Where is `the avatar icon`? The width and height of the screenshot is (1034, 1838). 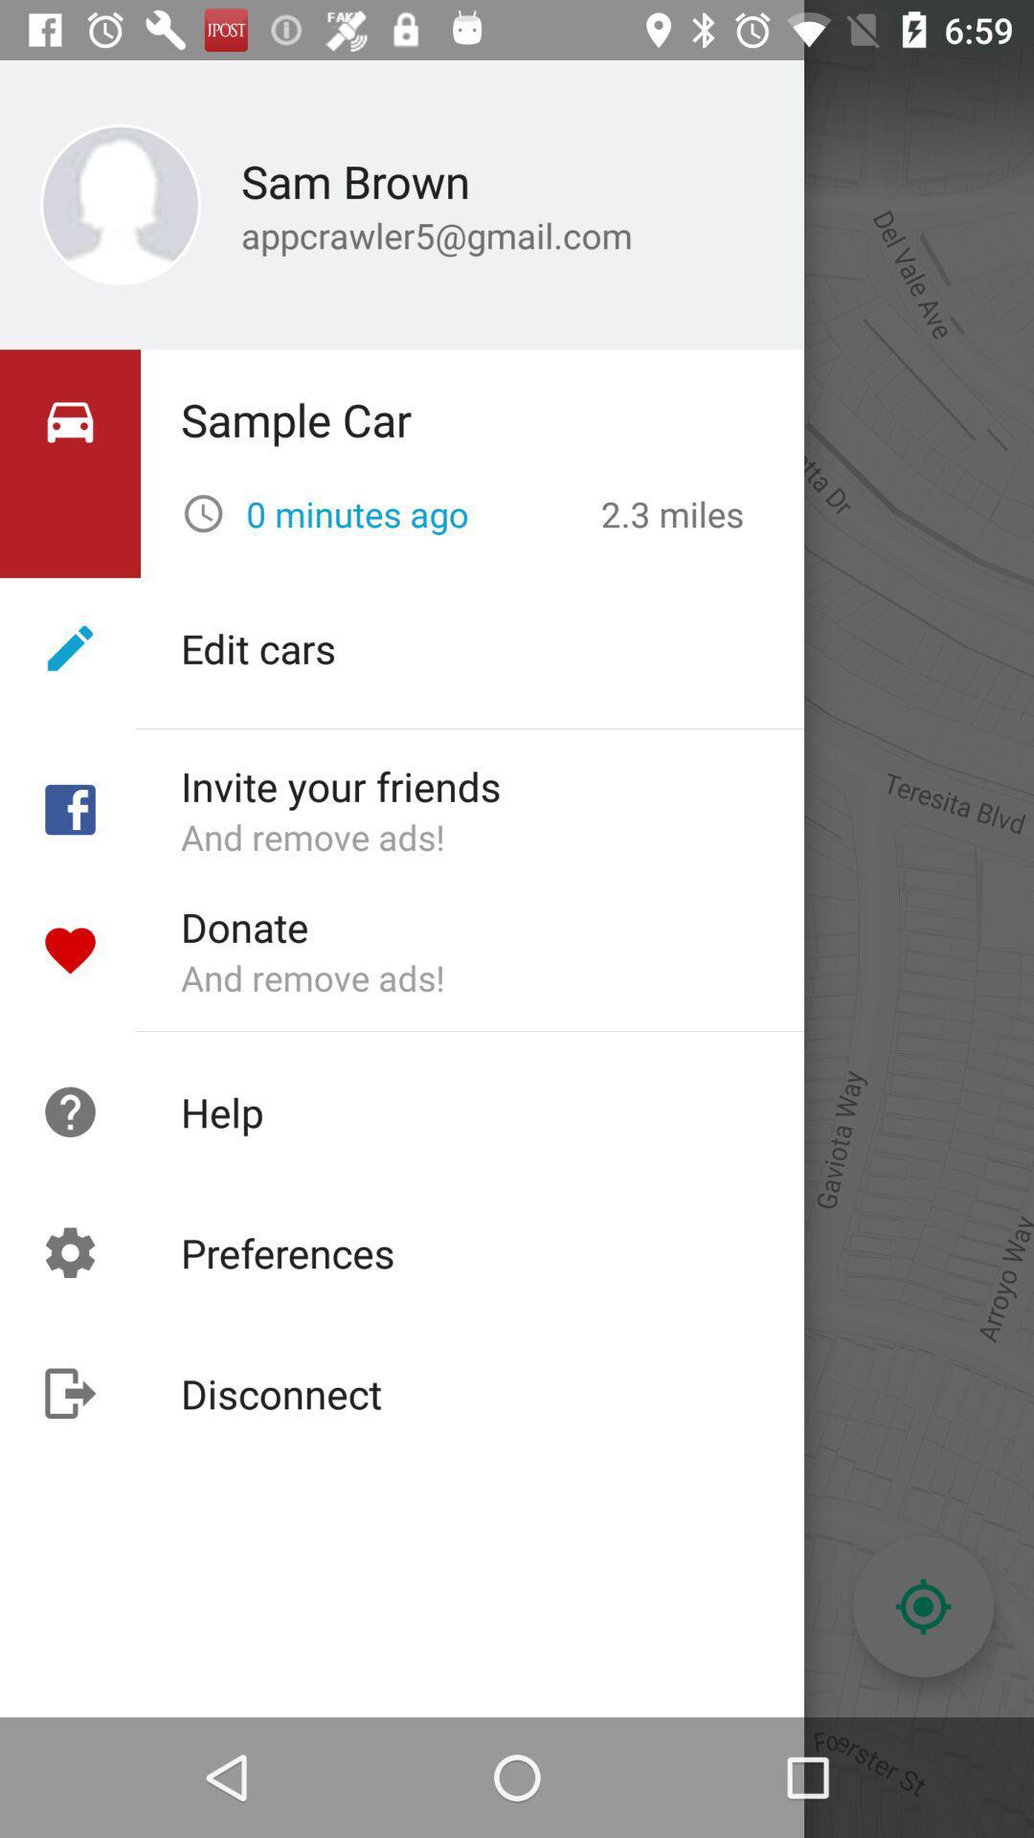
the avatar icon is located at coordinates (69, 129).